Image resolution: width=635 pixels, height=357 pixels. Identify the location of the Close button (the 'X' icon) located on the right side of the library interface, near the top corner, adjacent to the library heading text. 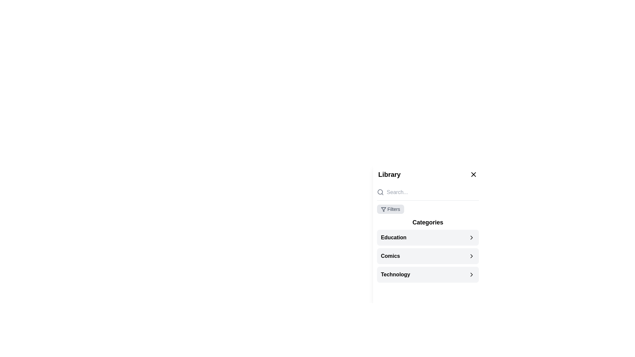
(473, 174).